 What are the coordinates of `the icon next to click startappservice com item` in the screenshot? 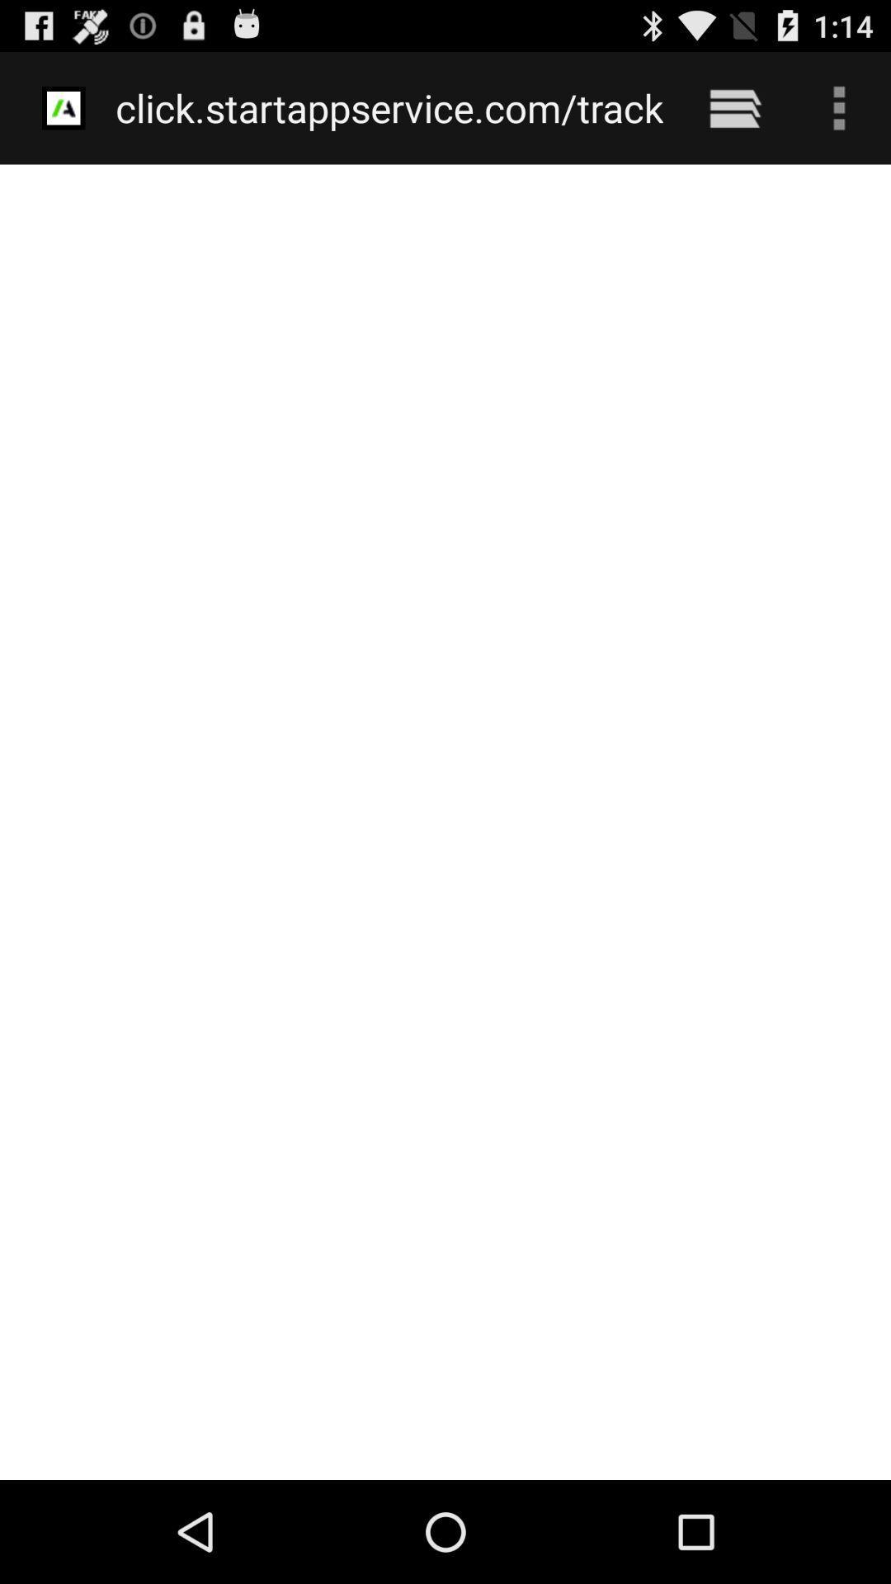 It's located at (734, 107).